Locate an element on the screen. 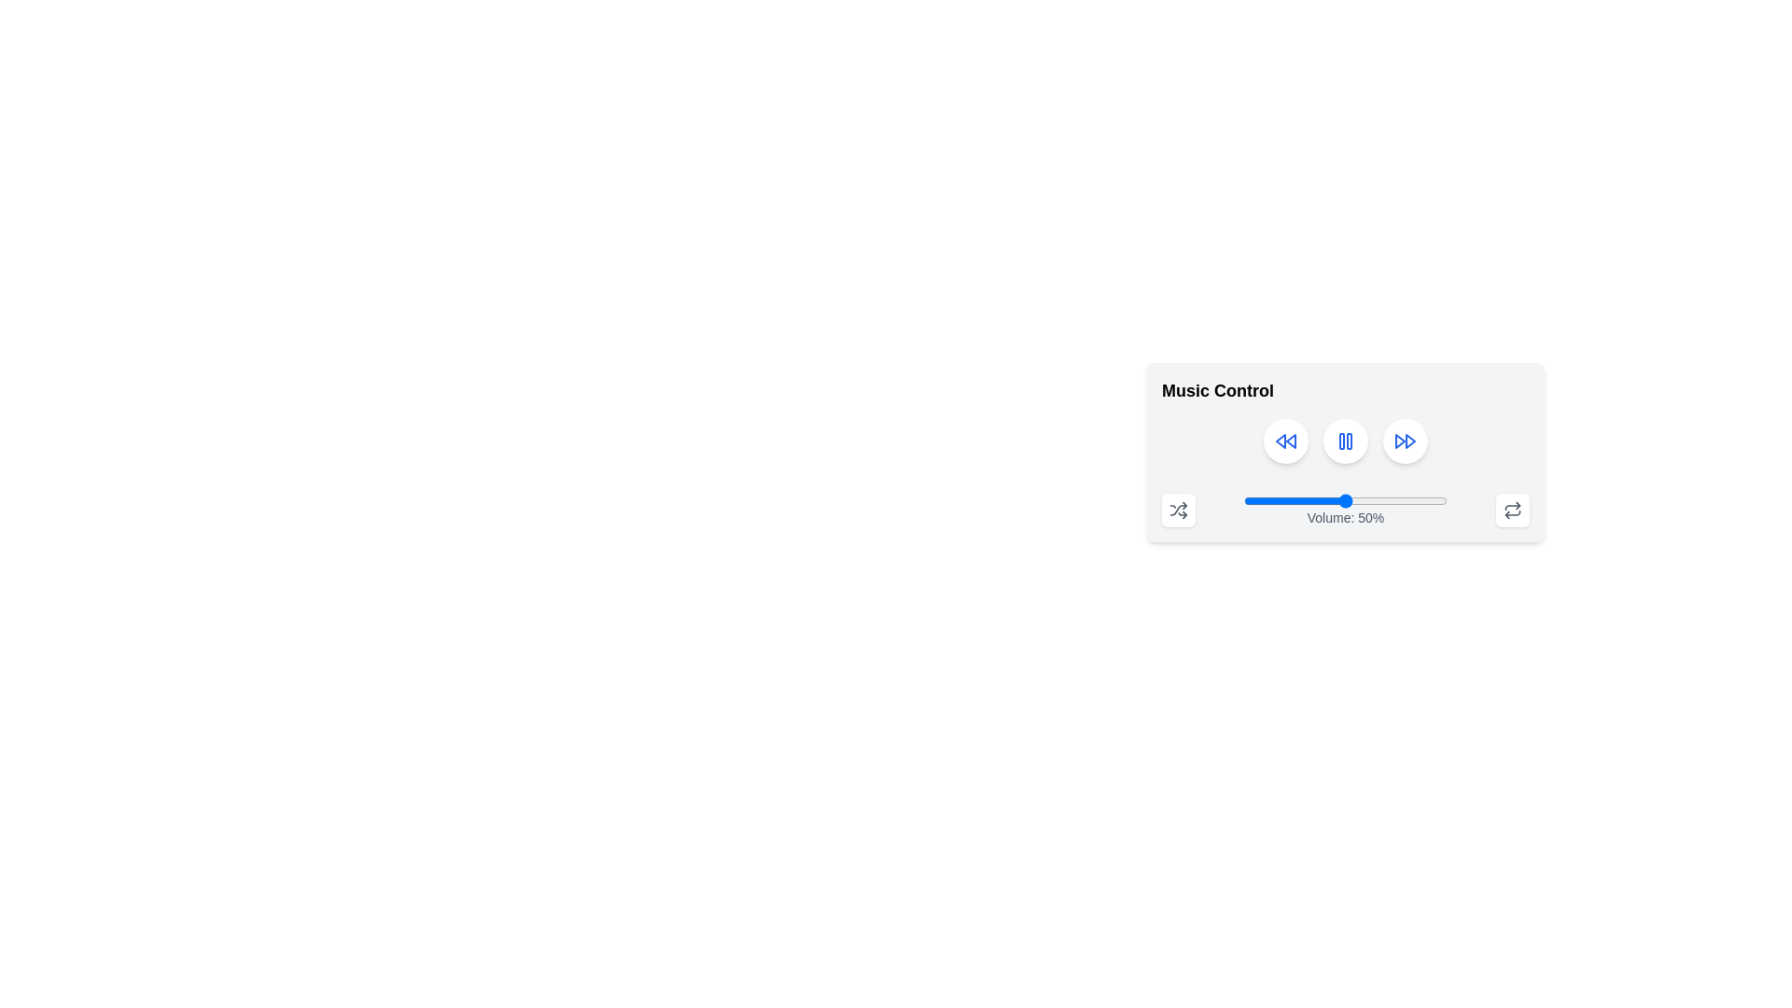 This screenshot has height=1008, width=1792. the blue pause icon button, which consists of two vertical bars, located centrally in the music control interface is located at coordinates (1345, 441).